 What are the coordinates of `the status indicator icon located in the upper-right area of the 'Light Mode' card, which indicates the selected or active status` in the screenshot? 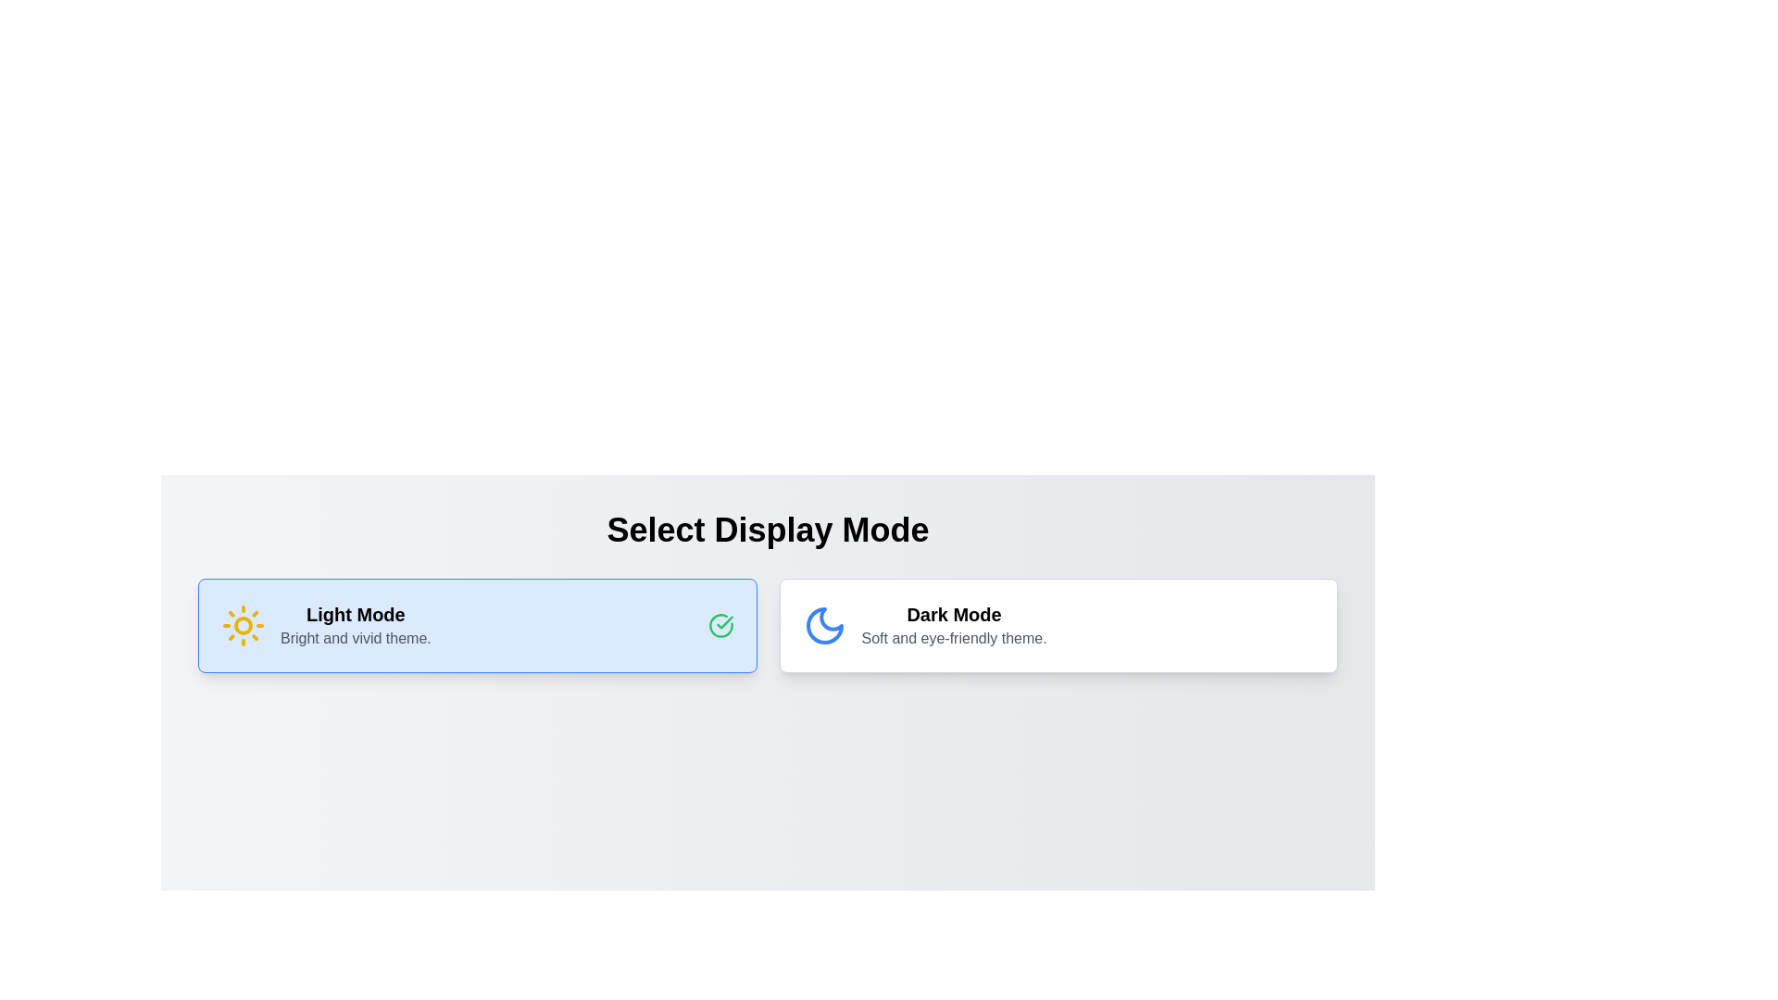 It's located at (723, 622).